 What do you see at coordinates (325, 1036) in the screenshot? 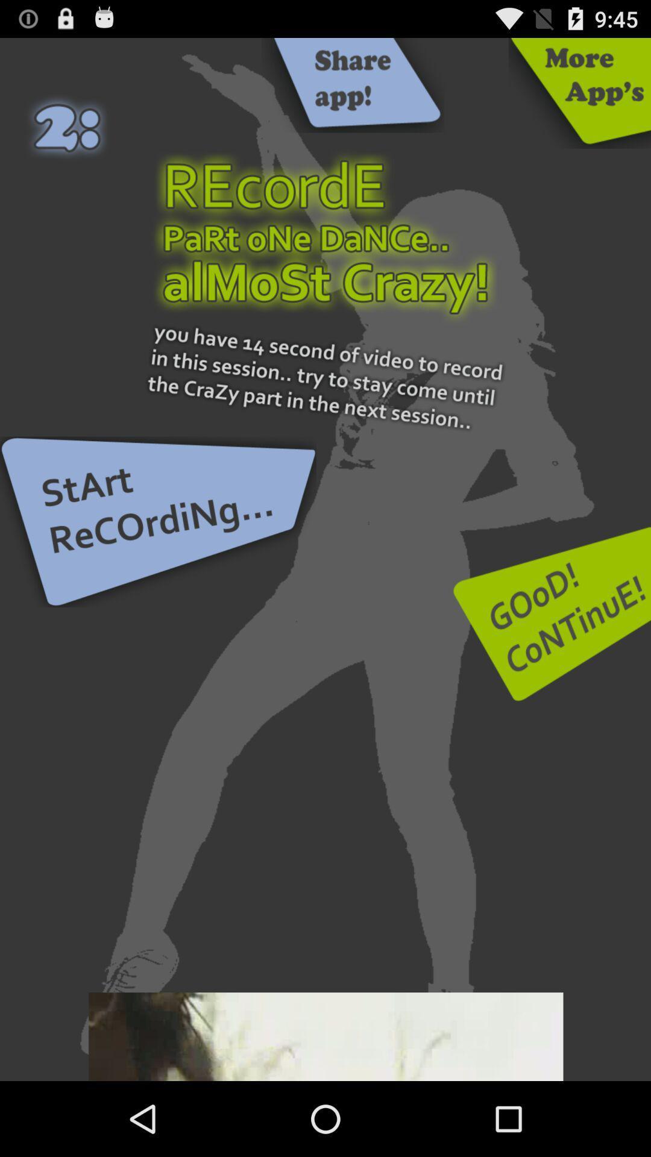
I see `this add watch` at bounding box center [325, 1036].